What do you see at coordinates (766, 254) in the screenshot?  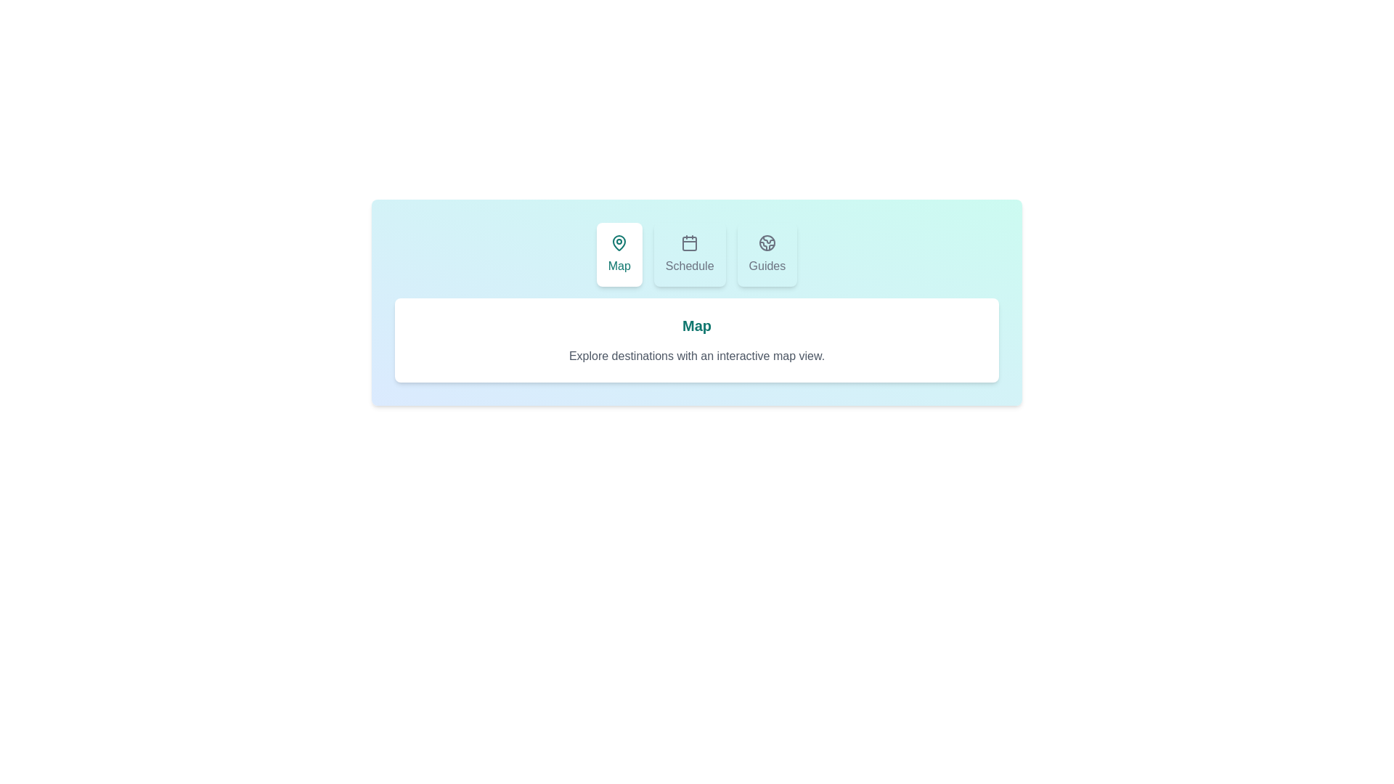 I see `the Guides button to observe its effects` at bounding box center [766, 254].